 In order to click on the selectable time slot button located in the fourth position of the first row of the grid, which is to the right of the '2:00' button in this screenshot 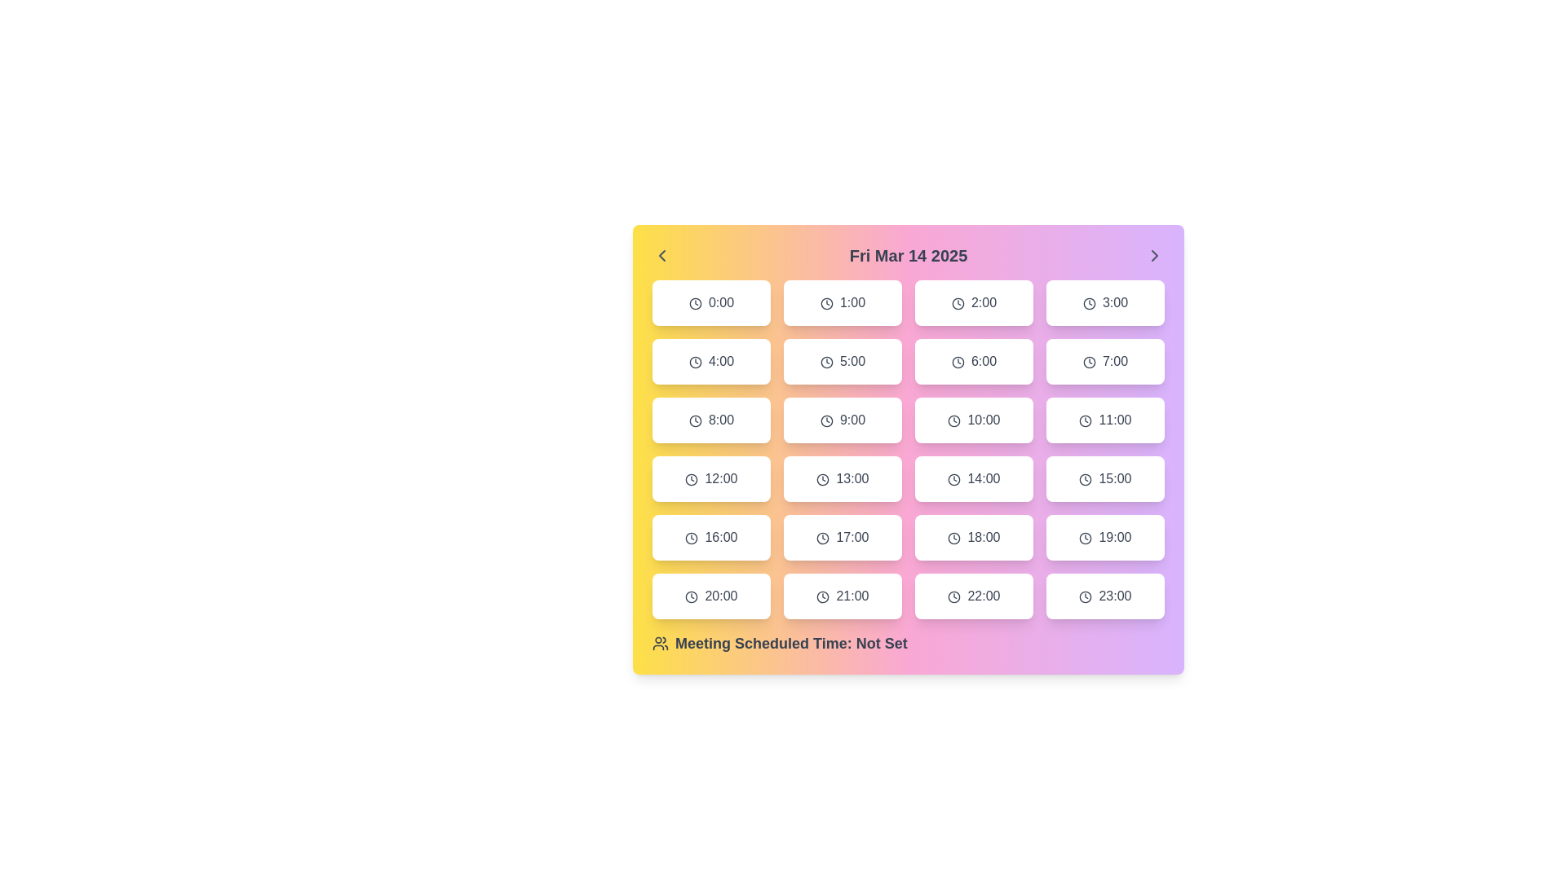, I will do `click(1105, 302)`.